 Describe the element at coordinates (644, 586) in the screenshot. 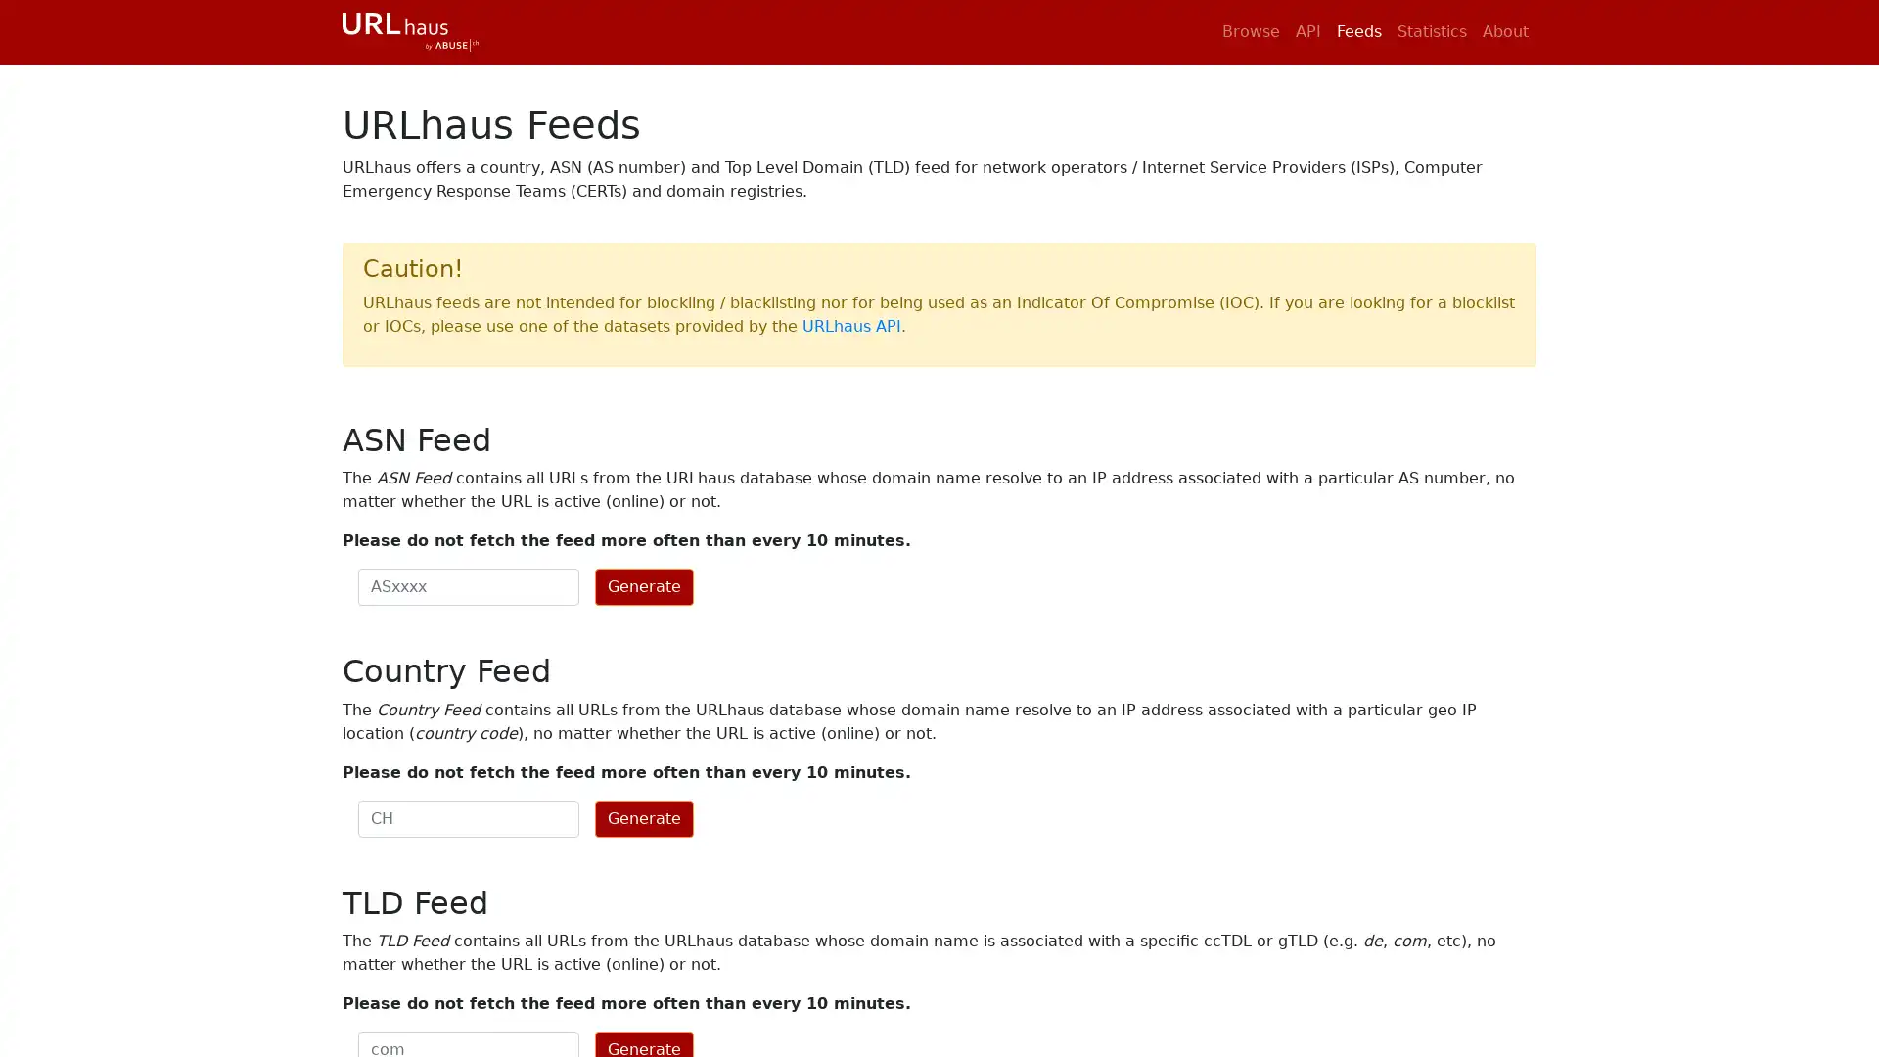

I see `Generate` at that location.